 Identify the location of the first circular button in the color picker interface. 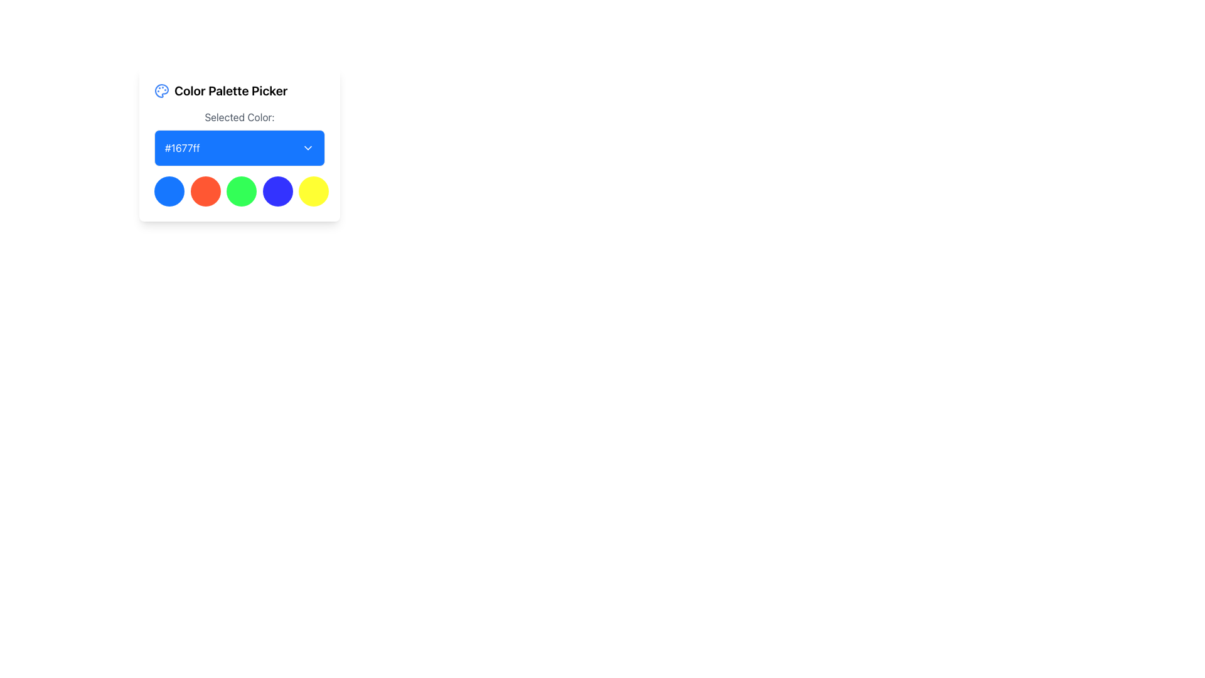
(168, 191).